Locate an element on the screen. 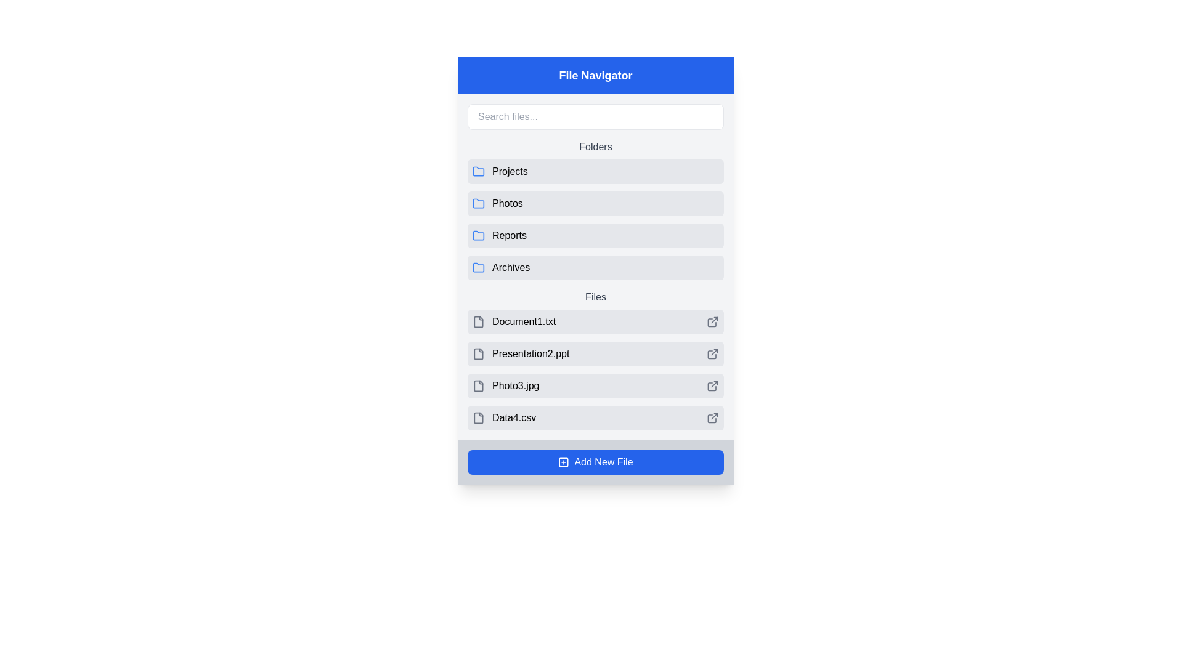 This screenshot has height=665, width=1183. the label is located at coordinates (603, 462).